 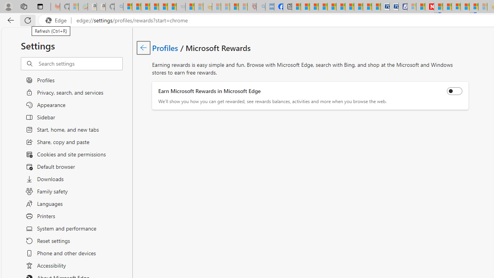 I want to click on 'Class: c01176', so click(x=143, y=47).